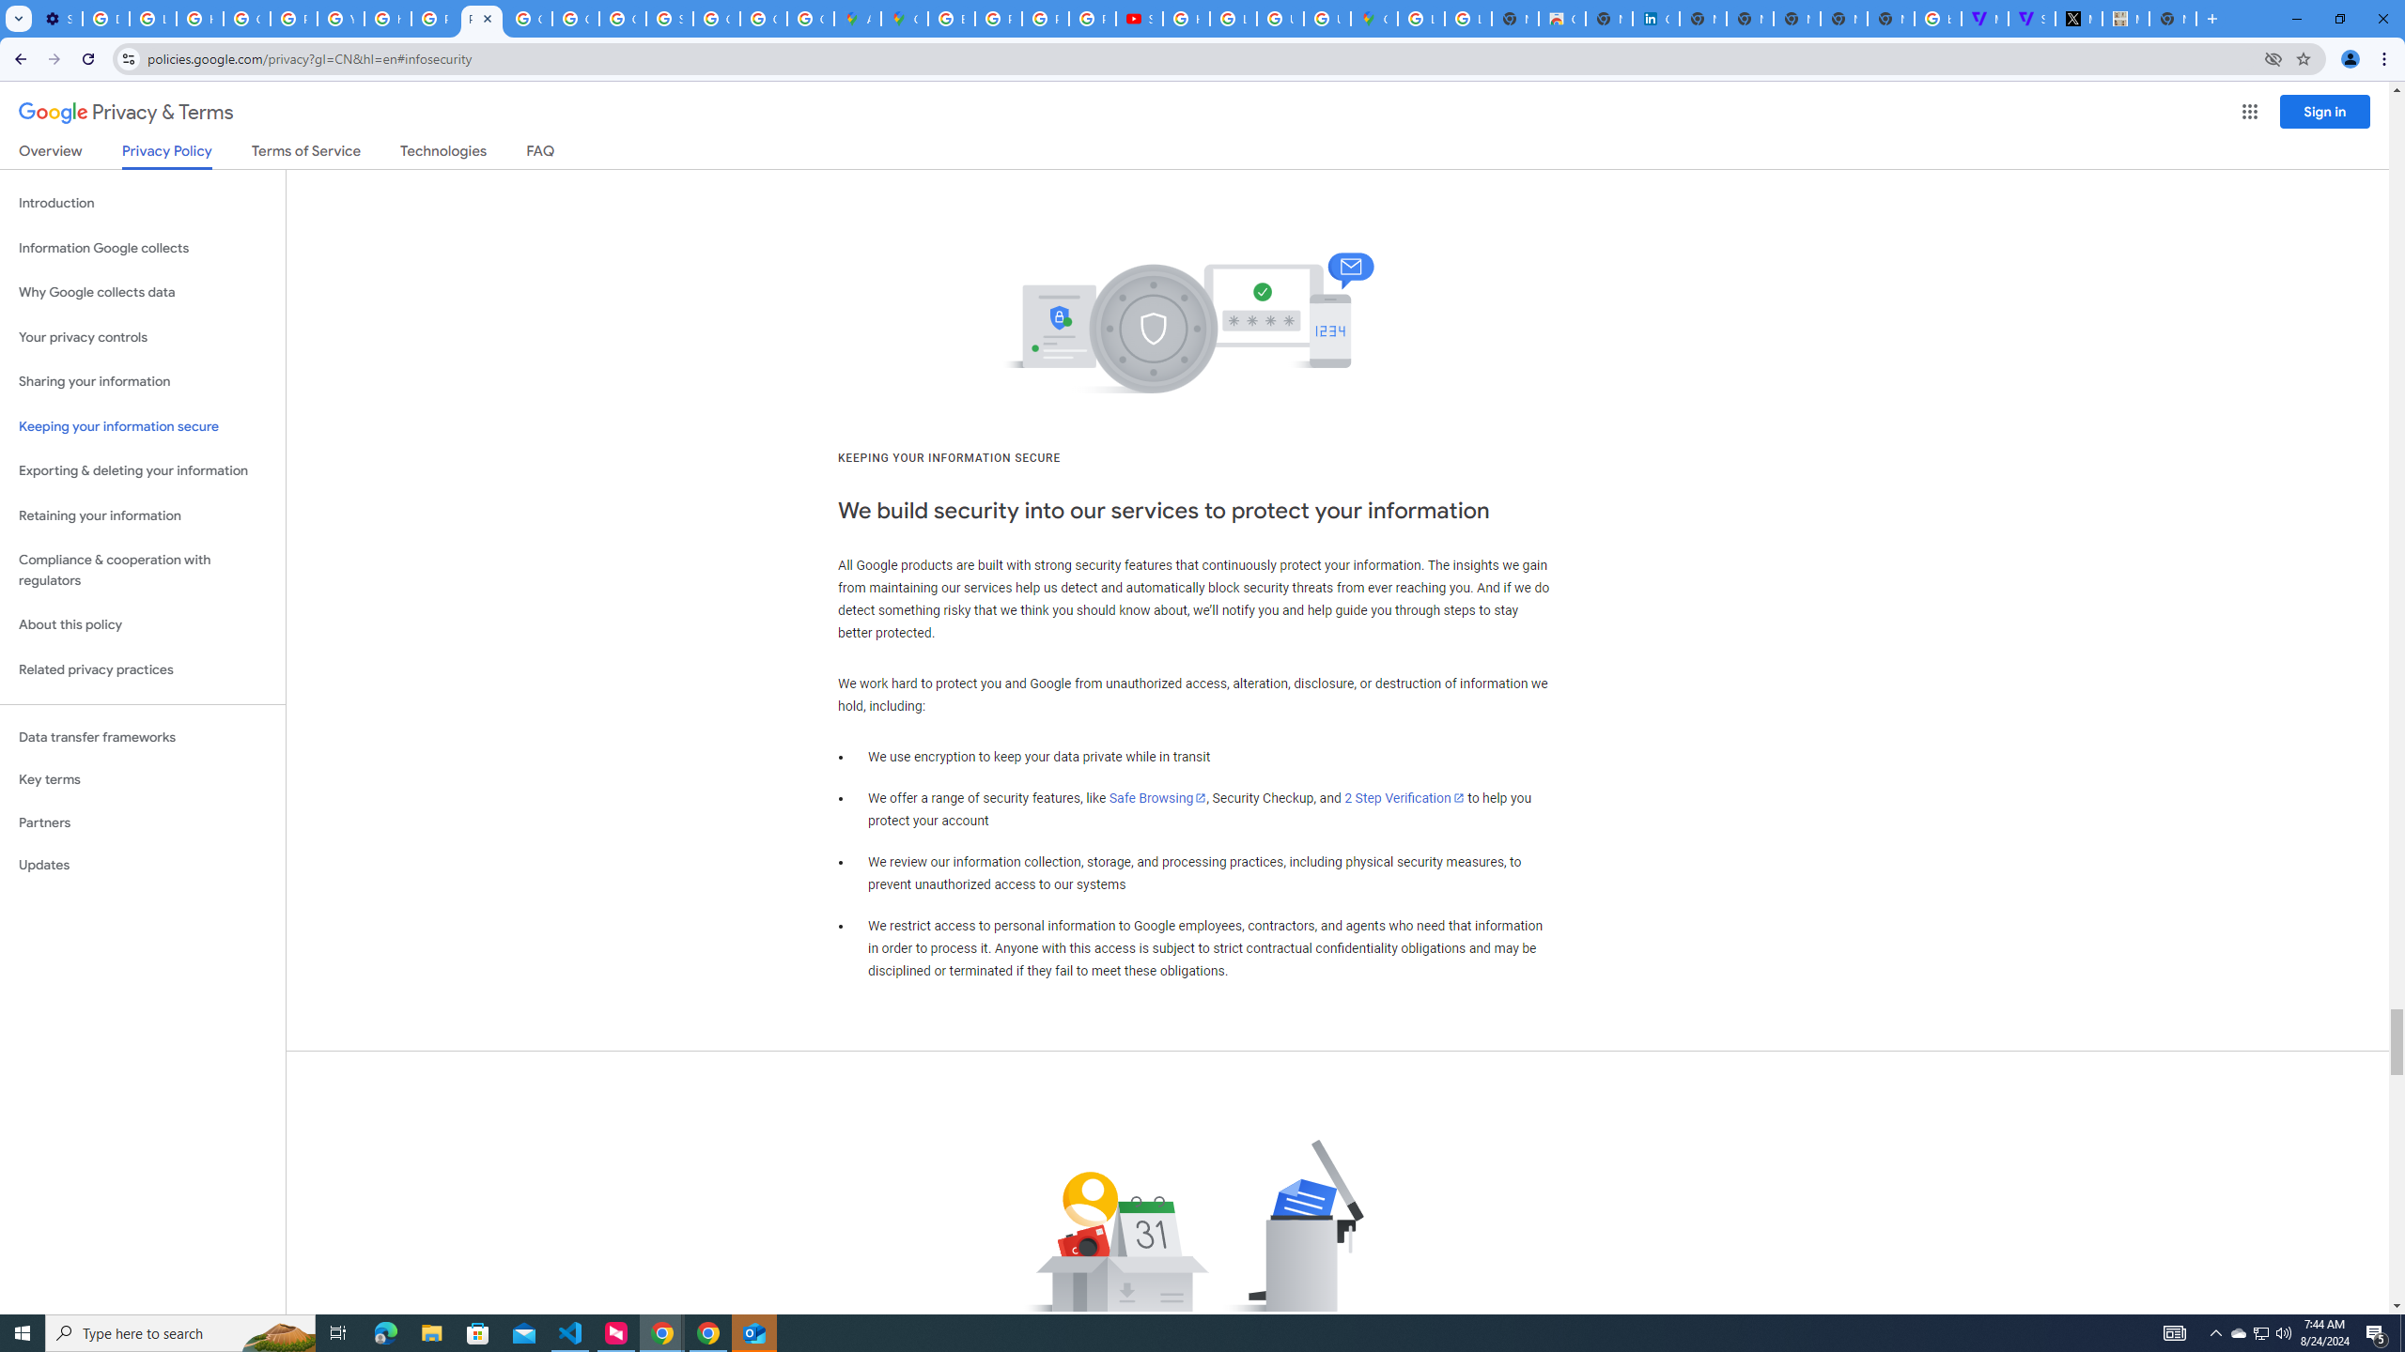 This screenshot has height=1352, width=2405. What do you see at coordinates (142, 202) in the screenshot?
I see `'Introduction'` at bounding box center [142, 202].